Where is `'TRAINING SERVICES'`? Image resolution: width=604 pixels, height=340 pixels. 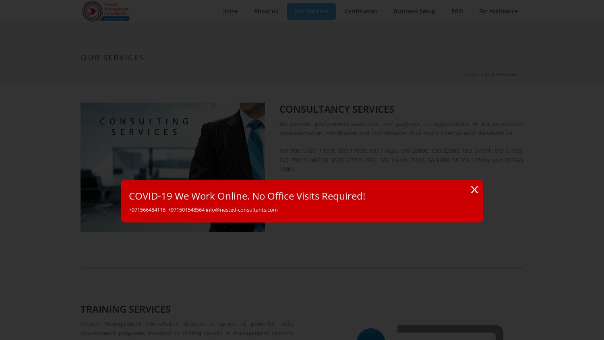 'TRAINING SERVICES' is located at coordinates (80, 309).